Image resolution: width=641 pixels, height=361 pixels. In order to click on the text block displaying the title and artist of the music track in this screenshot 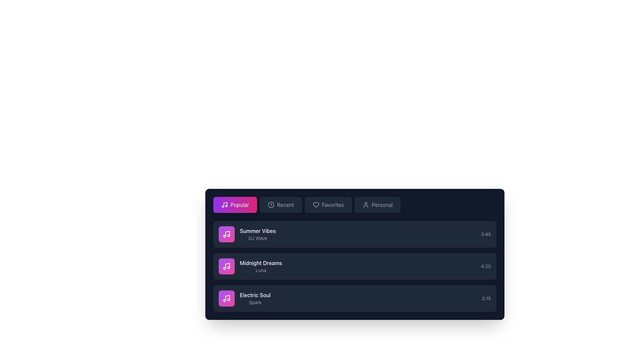, I will do `click(247, 234)`.